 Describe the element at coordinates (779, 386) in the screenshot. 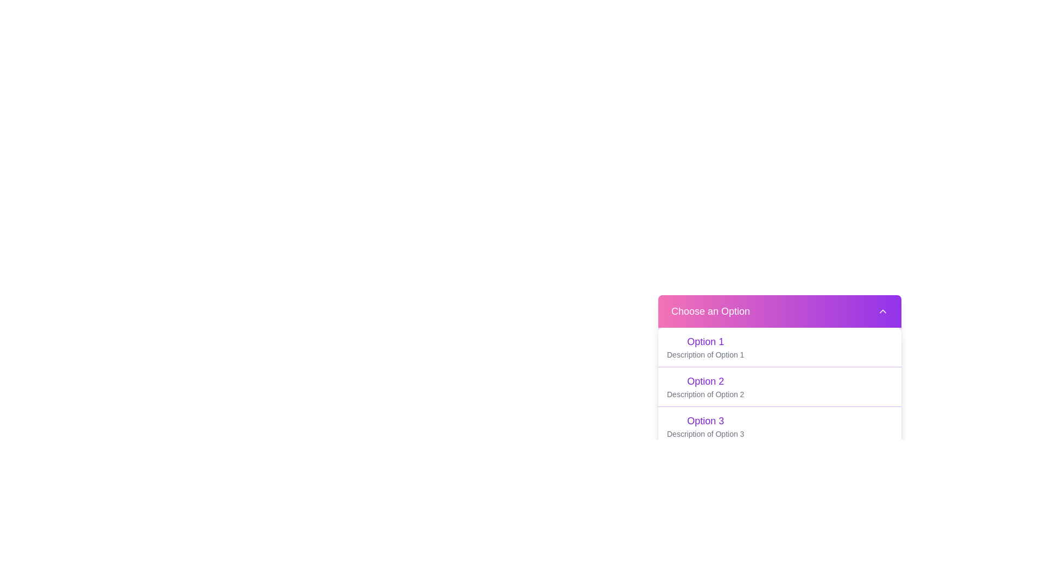

I see `the second option in the dropdown list titled 'Choose an Option'` at that location.